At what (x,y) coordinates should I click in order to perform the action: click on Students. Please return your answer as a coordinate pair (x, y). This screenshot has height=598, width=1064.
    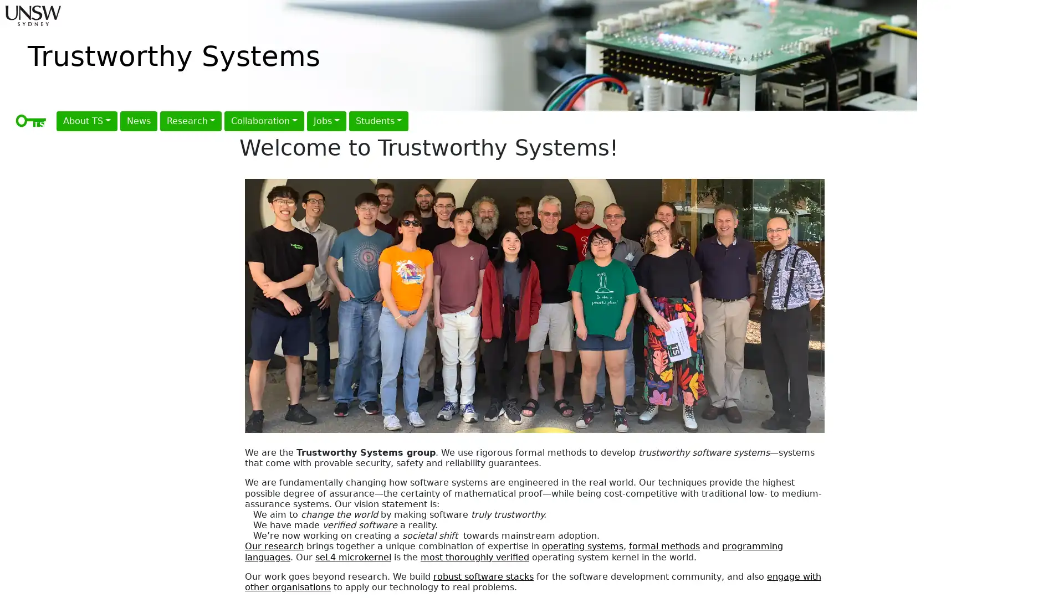
    Looking at the image, I should click on (378, 121).